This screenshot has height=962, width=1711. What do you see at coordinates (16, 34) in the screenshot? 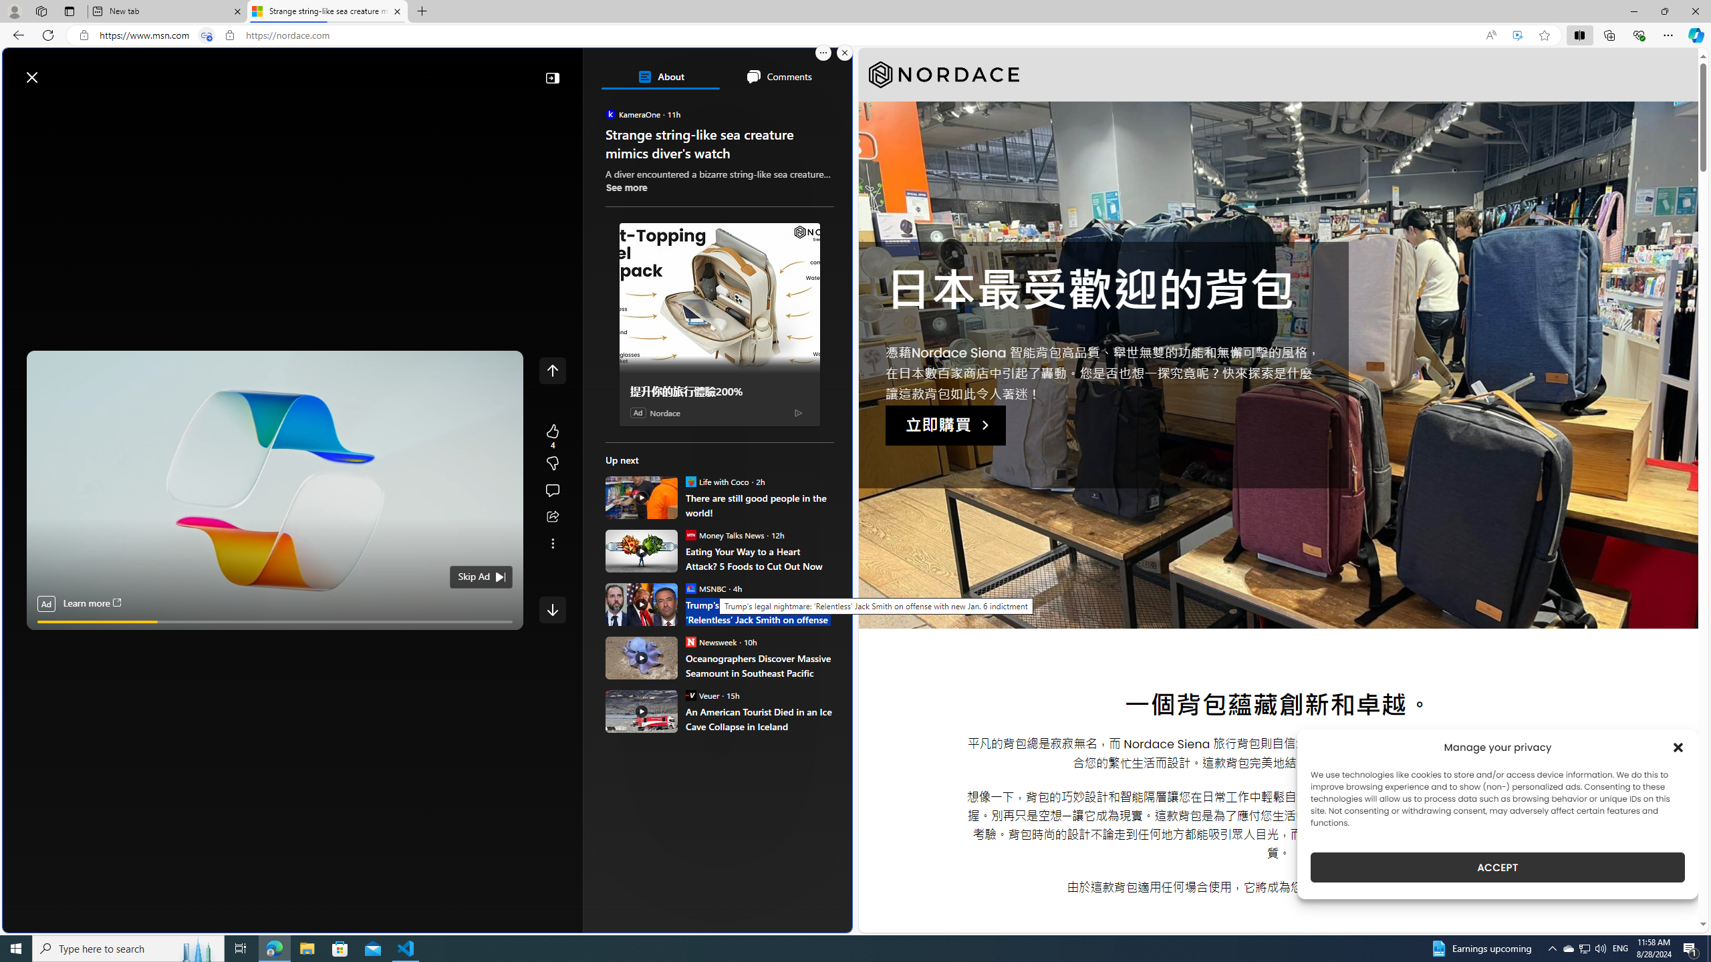
I see `'Back'` at bounding box center [16, 34].